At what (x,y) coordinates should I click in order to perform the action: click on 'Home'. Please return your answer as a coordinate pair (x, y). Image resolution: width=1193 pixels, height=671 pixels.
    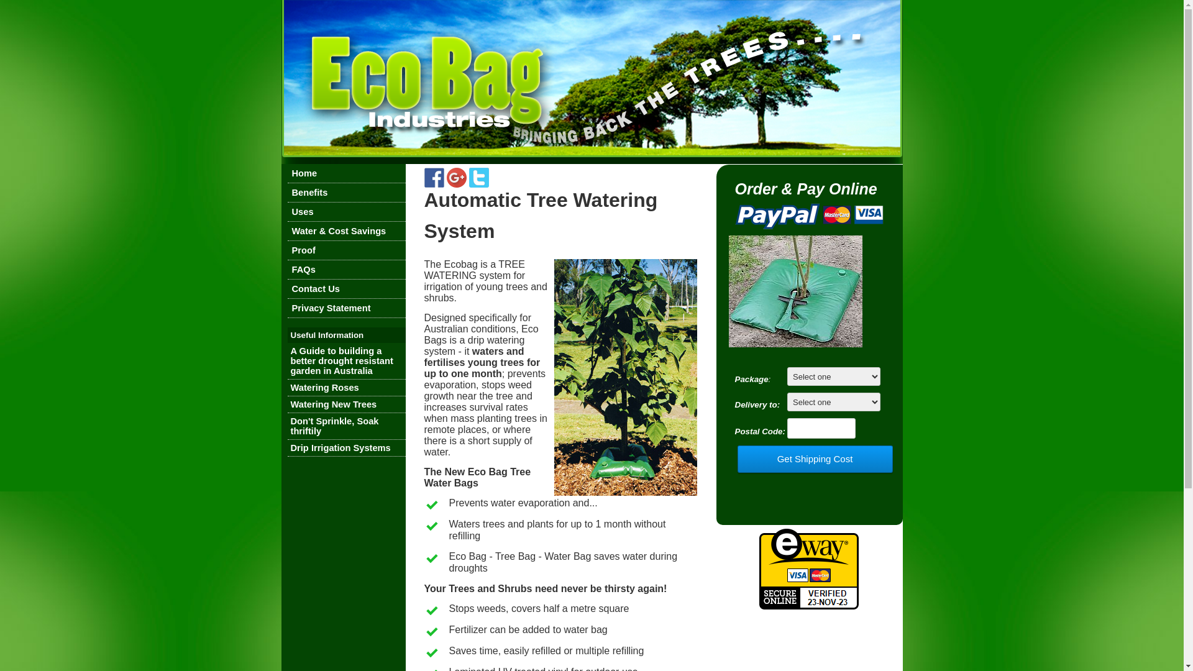
    Looking at the image, I should click on (304, 173).